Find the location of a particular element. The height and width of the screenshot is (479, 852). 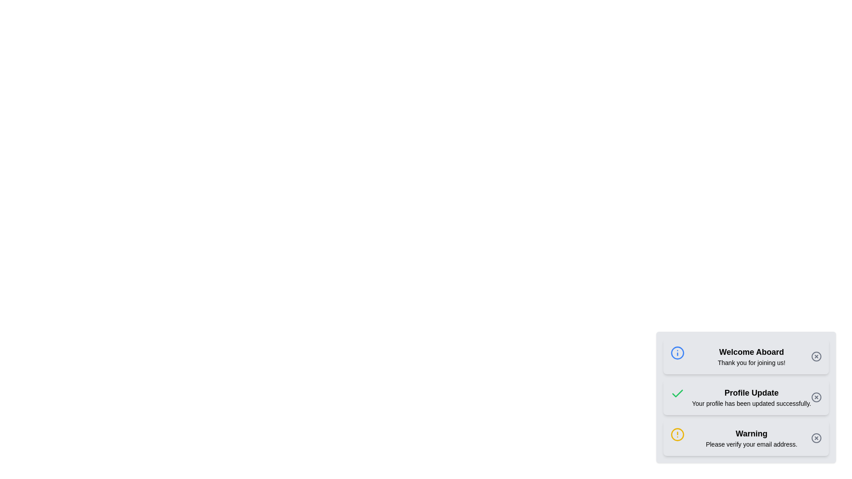

the Text header element that greets users in the notification component located at the bottom-right section of the interface is located at coordinates (751, 352).